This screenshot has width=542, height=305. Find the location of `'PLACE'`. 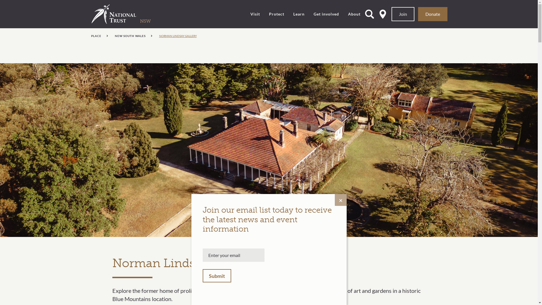

'PLACE' is located at coordinates (99, 36).